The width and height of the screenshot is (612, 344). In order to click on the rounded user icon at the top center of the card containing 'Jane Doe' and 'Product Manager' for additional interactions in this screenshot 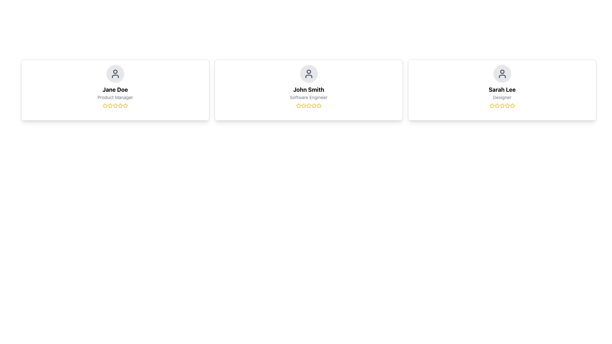, I will do `click(115, 73)`.